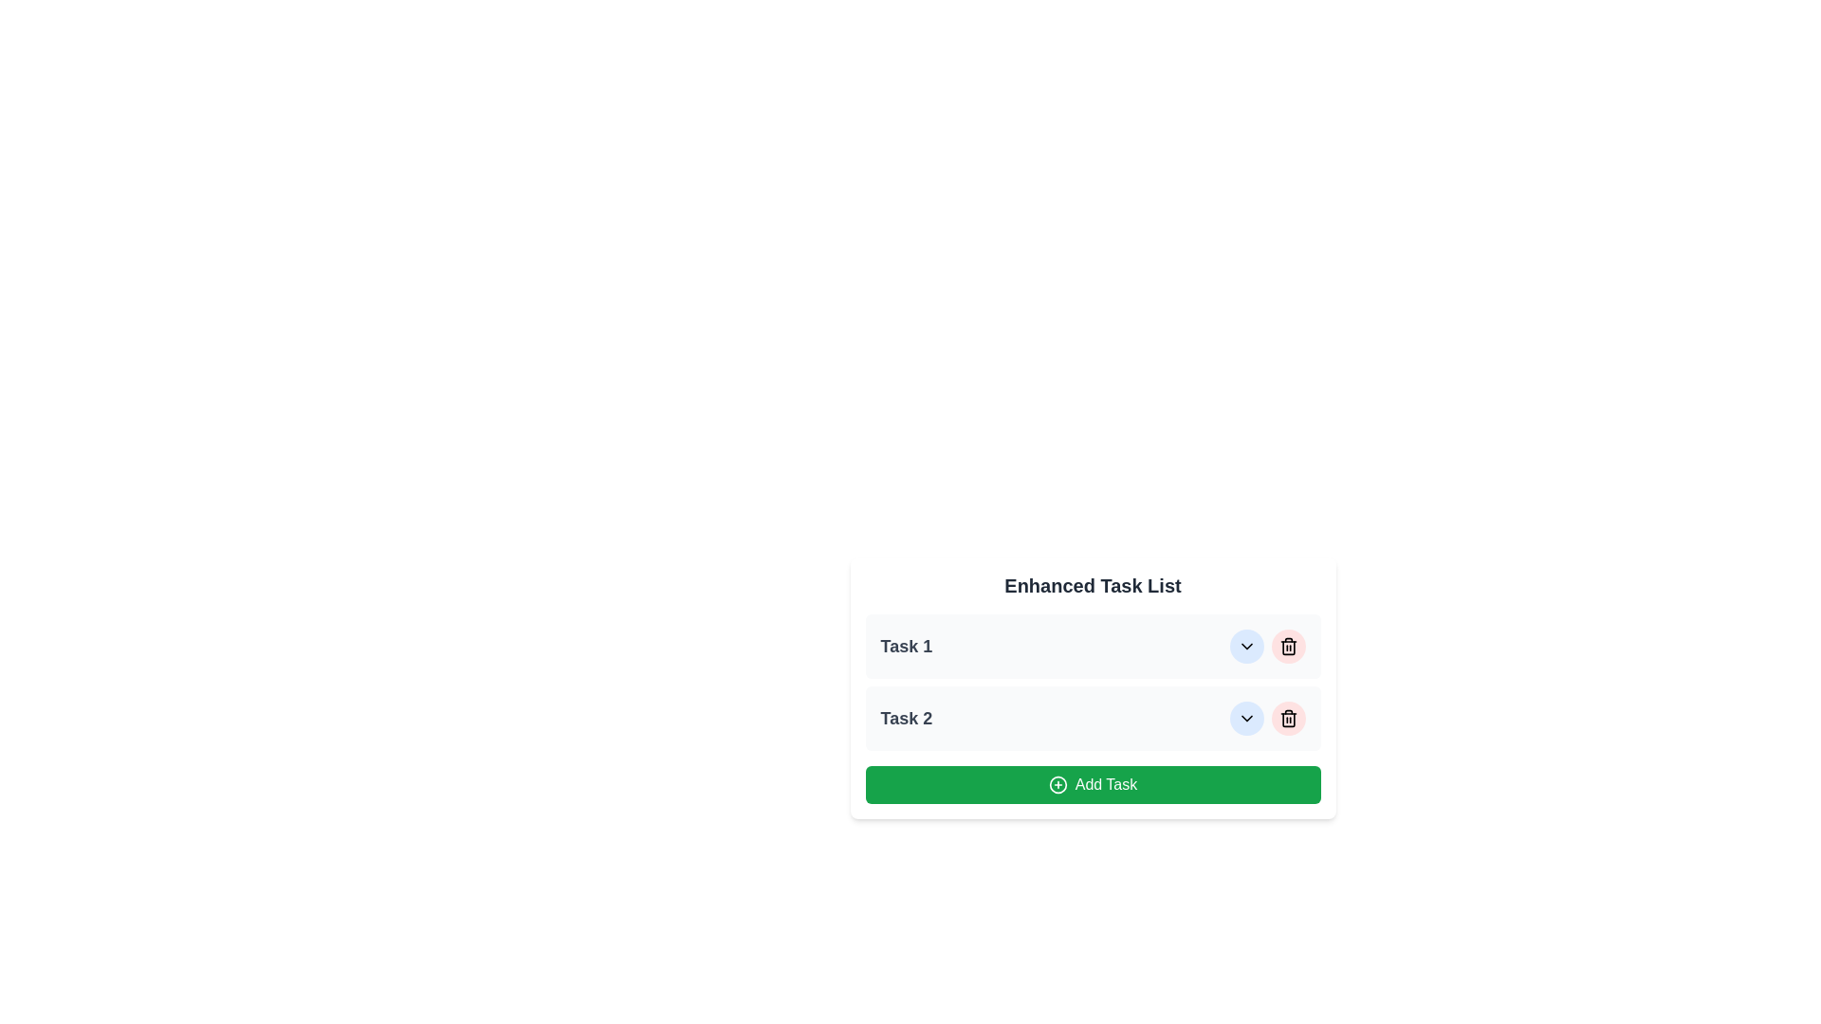 The width and height of the screenshot is (1821, 1024). I want to click on the Icon button with a circular background located to the right of 'Task 2', so click(1246, 719).